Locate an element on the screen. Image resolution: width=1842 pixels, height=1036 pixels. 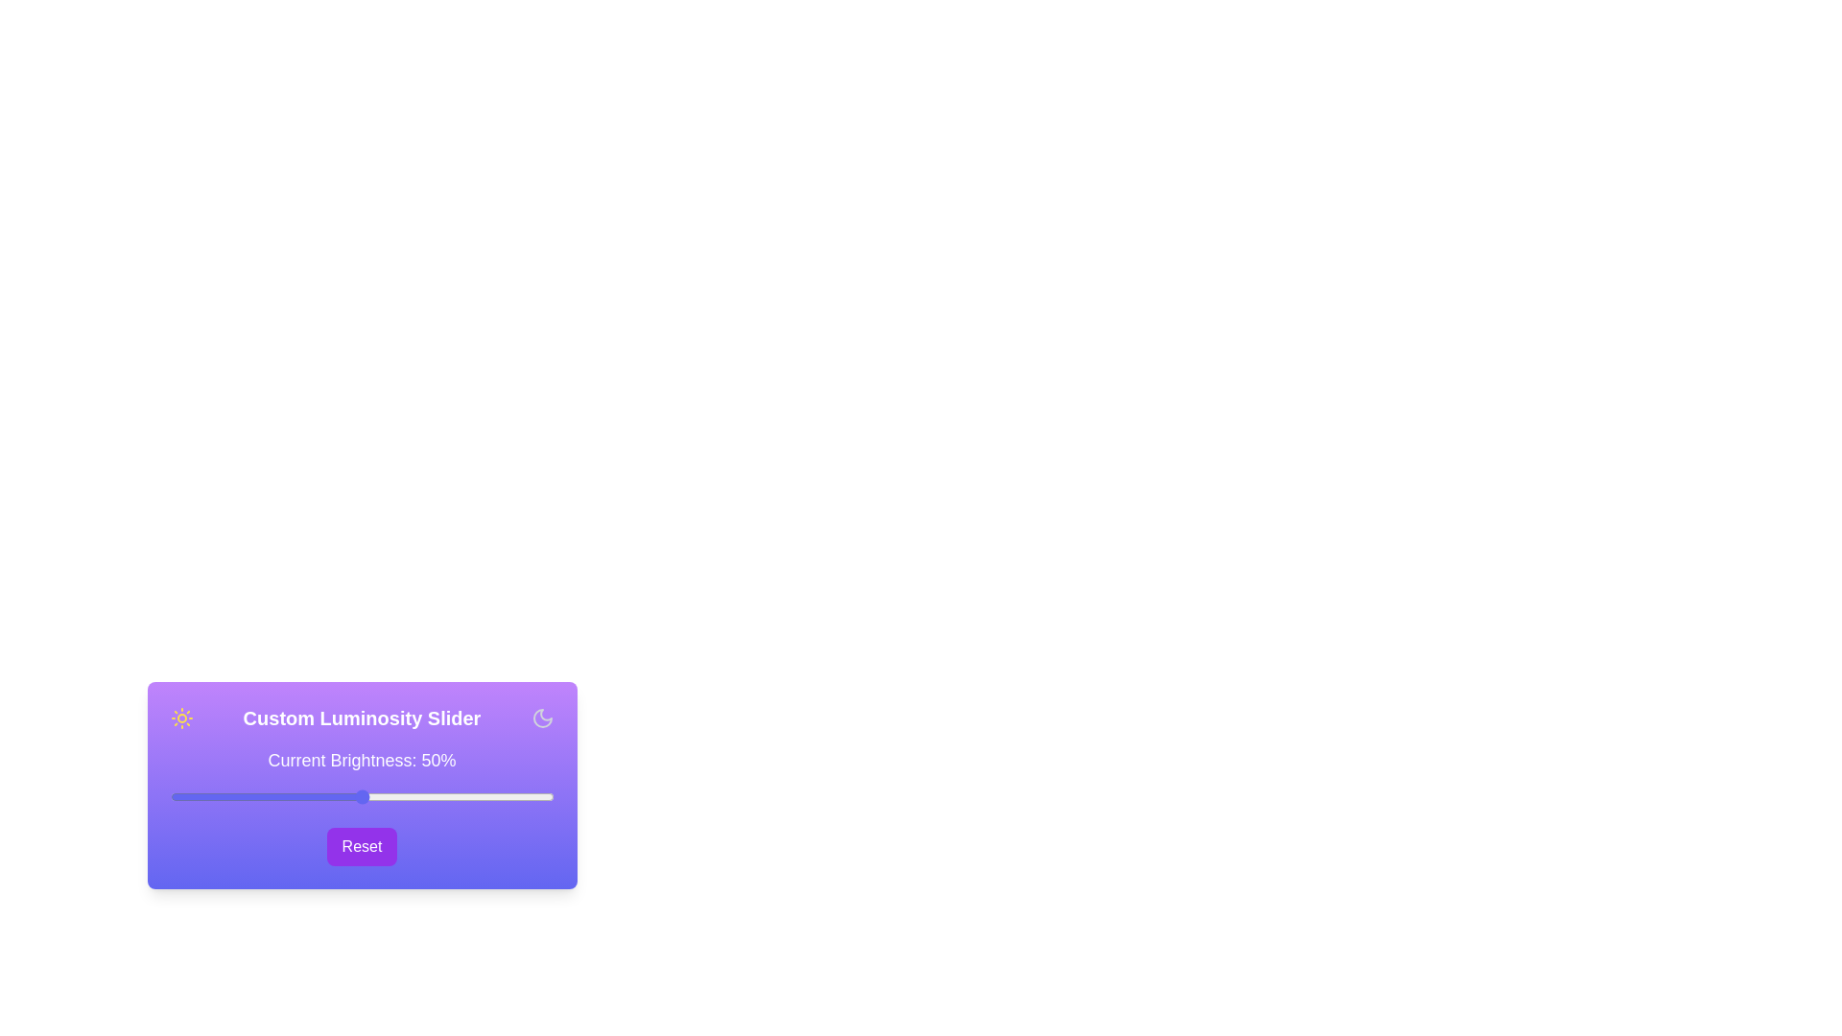
brightness is located at coordinates (269, 796).